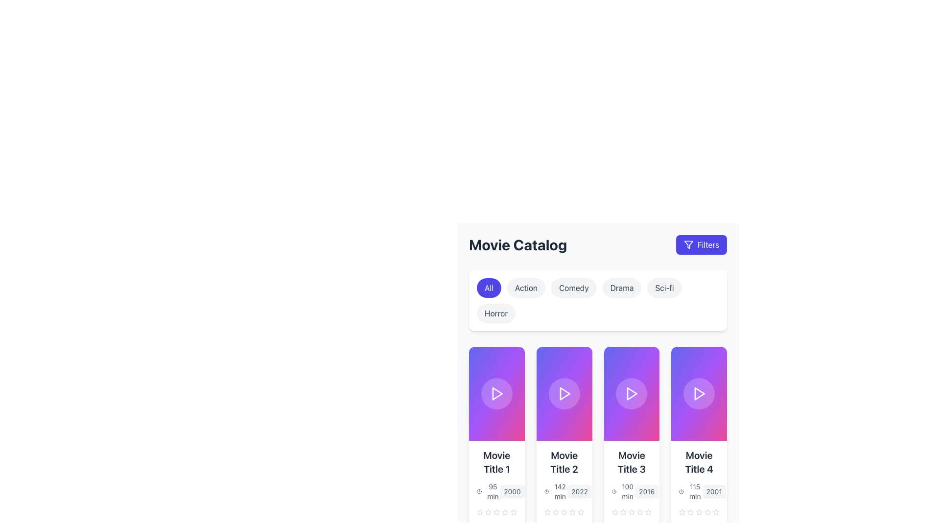 This screenshot has width=940, height=529. What do you see at coordinates (496, 462) in the screenshot?
I see `the title text label for the first movie card, which is located directly beneath the thumbnail image in the grid layout` at bounding box center [496, 462].